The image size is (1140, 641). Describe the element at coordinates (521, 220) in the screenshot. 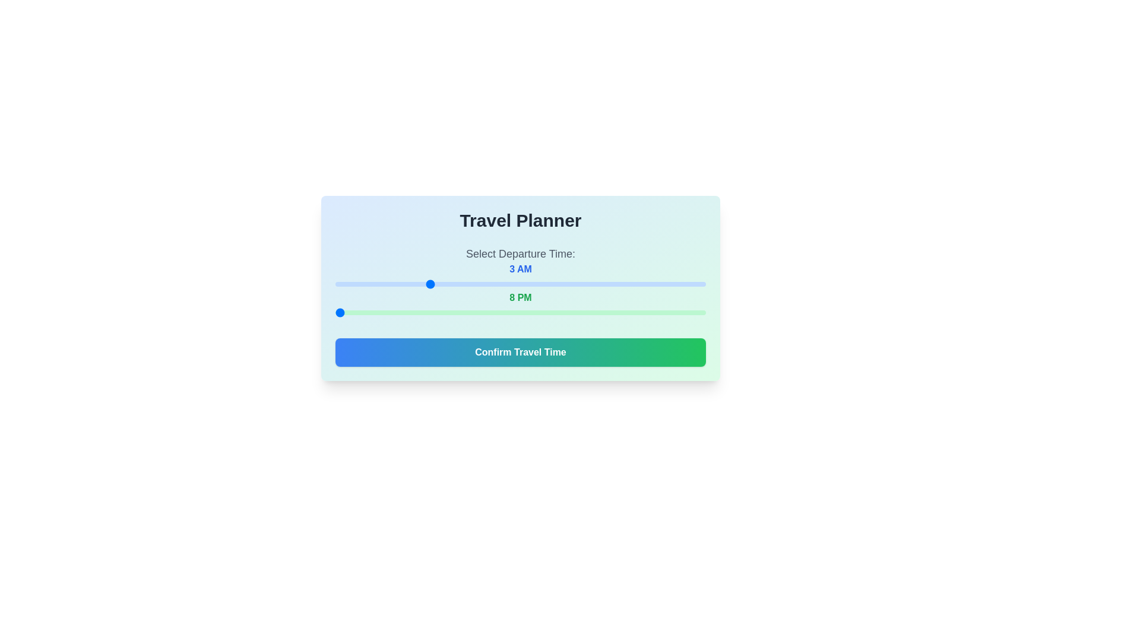

I see `the bold, centered heading labeled 'Travel Planner' at the top of the card-like structure` at that location.